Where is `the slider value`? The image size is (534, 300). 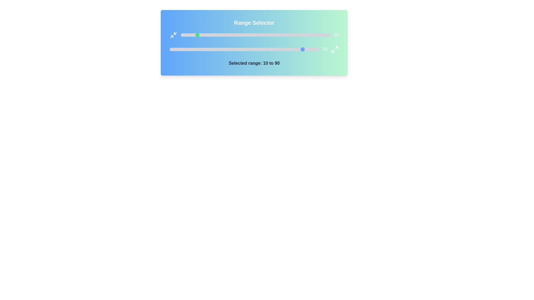
the slider value is located at coordinates (203, 35).